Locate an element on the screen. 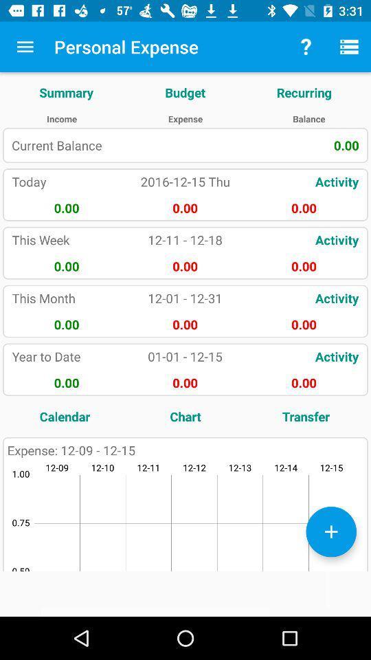  more elements is located at coordinates (330, 531).